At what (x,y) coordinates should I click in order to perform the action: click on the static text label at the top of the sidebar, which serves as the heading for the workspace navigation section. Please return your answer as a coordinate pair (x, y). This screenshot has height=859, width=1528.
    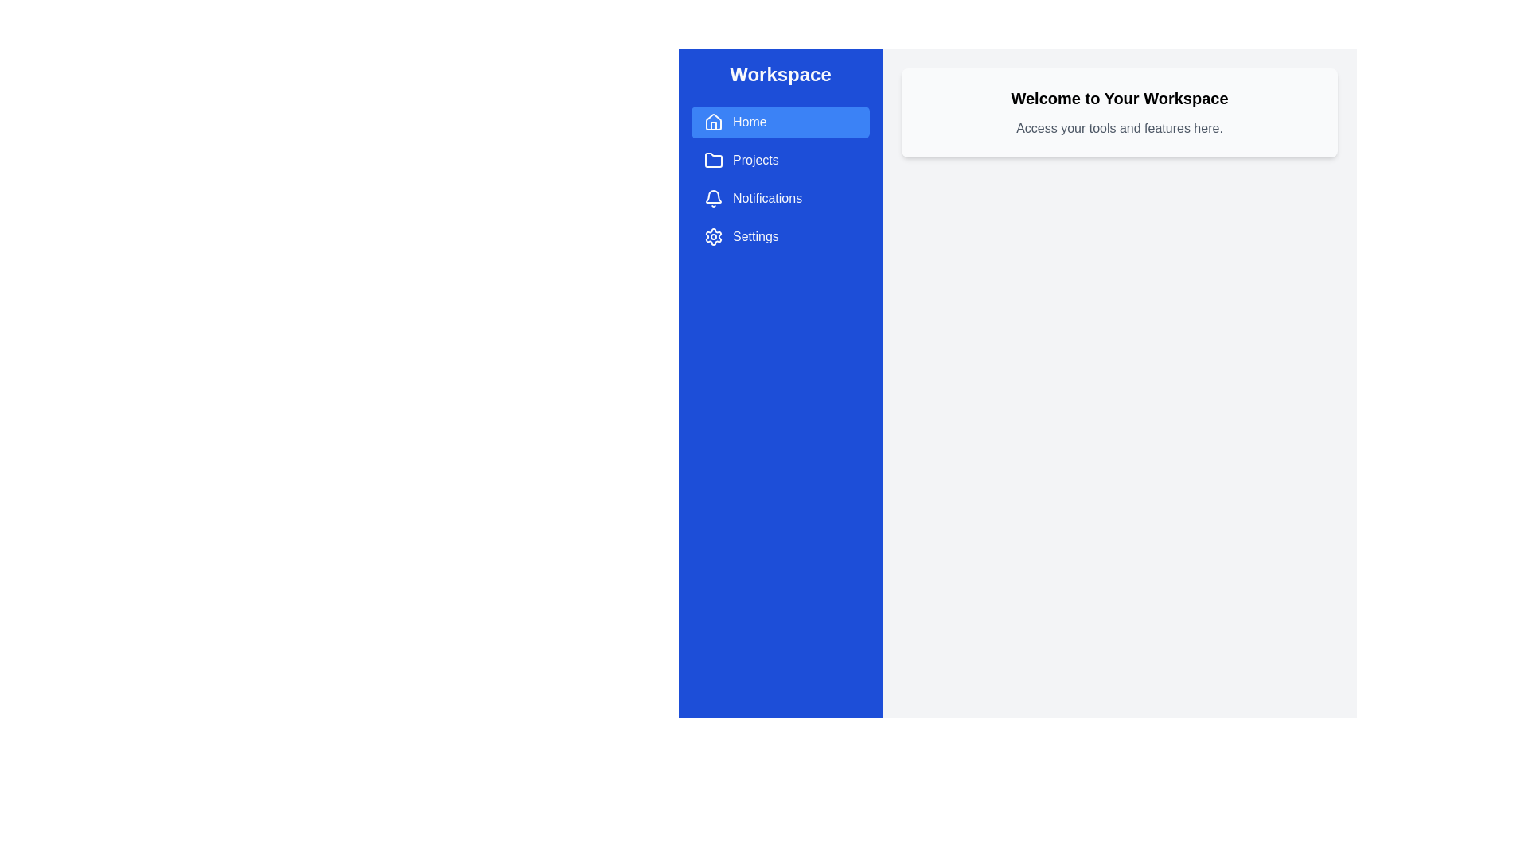
    Looking at the image, I should click on (780, 74).